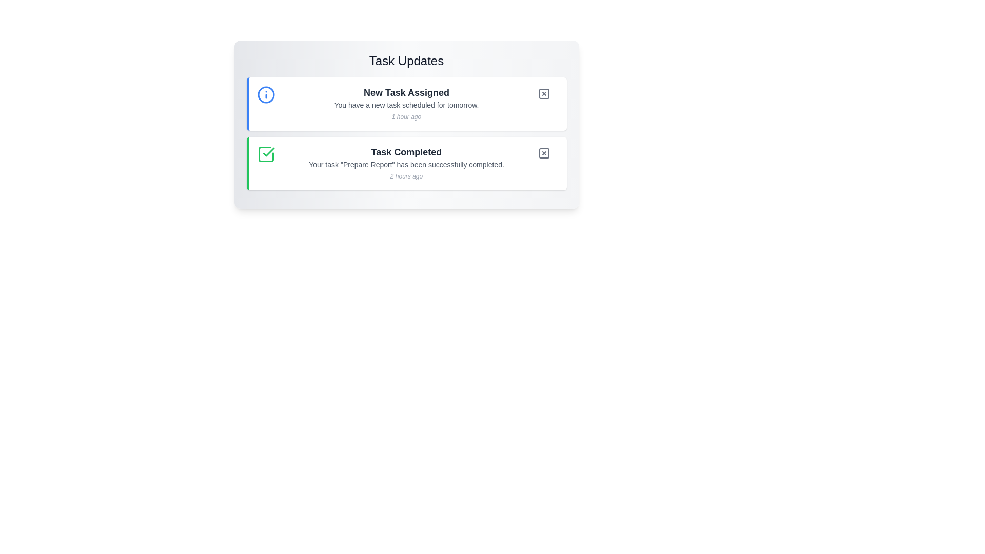  I want to click on the square icon with a cross (X) inside, located next to the text 'New Task Assigned', so click(543, 93).